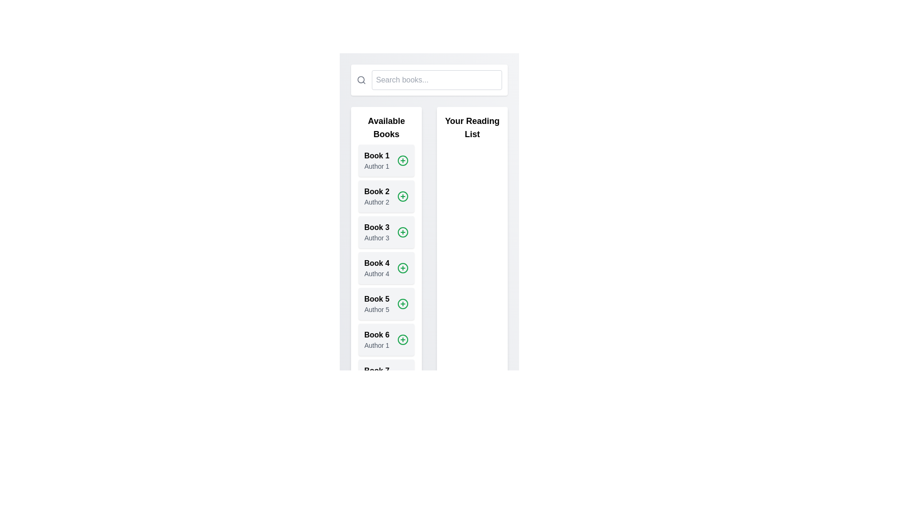  What do you see at coordinates (403, 410) in the screenshot?
I see `the action button for 'Book 8 by Author 3'` at bounding box center [403, 410].